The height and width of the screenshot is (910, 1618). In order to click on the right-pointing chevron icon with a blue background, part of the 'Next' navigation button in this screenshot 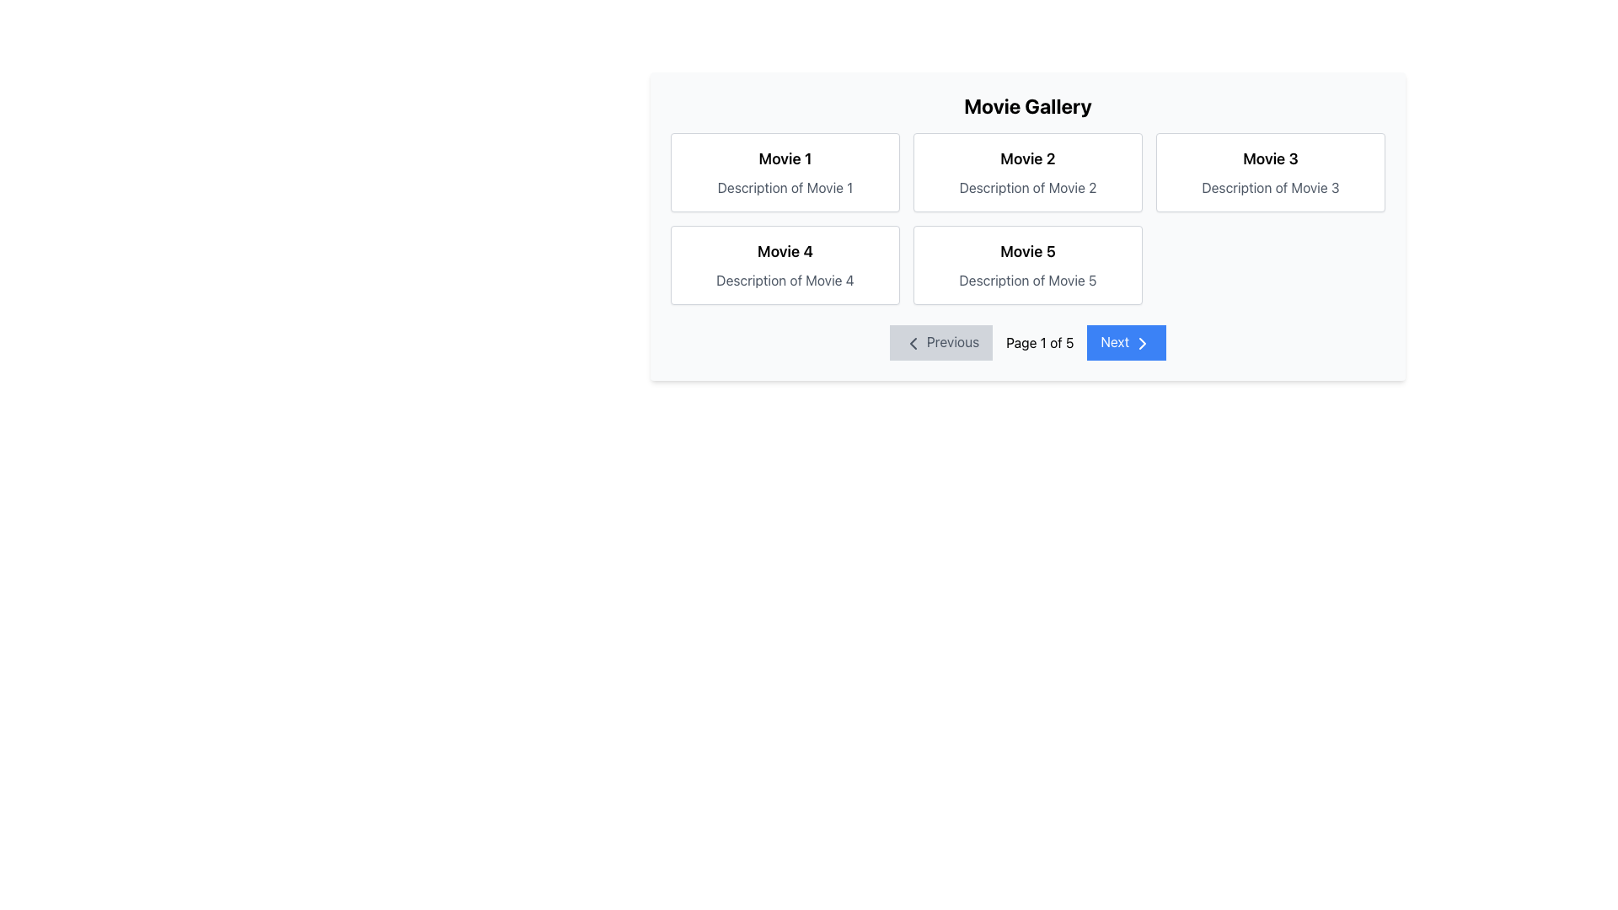, I will do `click(1143, 342)`.